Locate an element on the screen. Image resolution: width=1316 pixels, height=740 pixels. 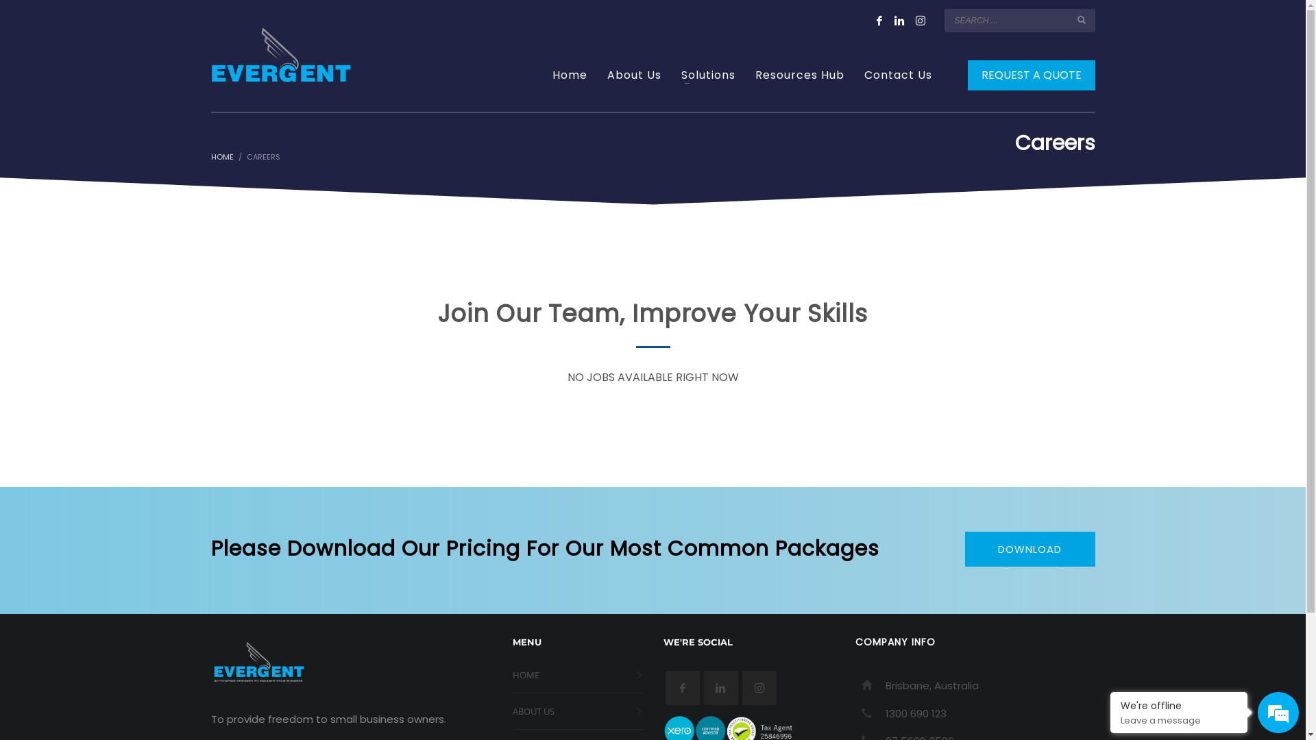
'Home' is located at coordinates (543, 75).